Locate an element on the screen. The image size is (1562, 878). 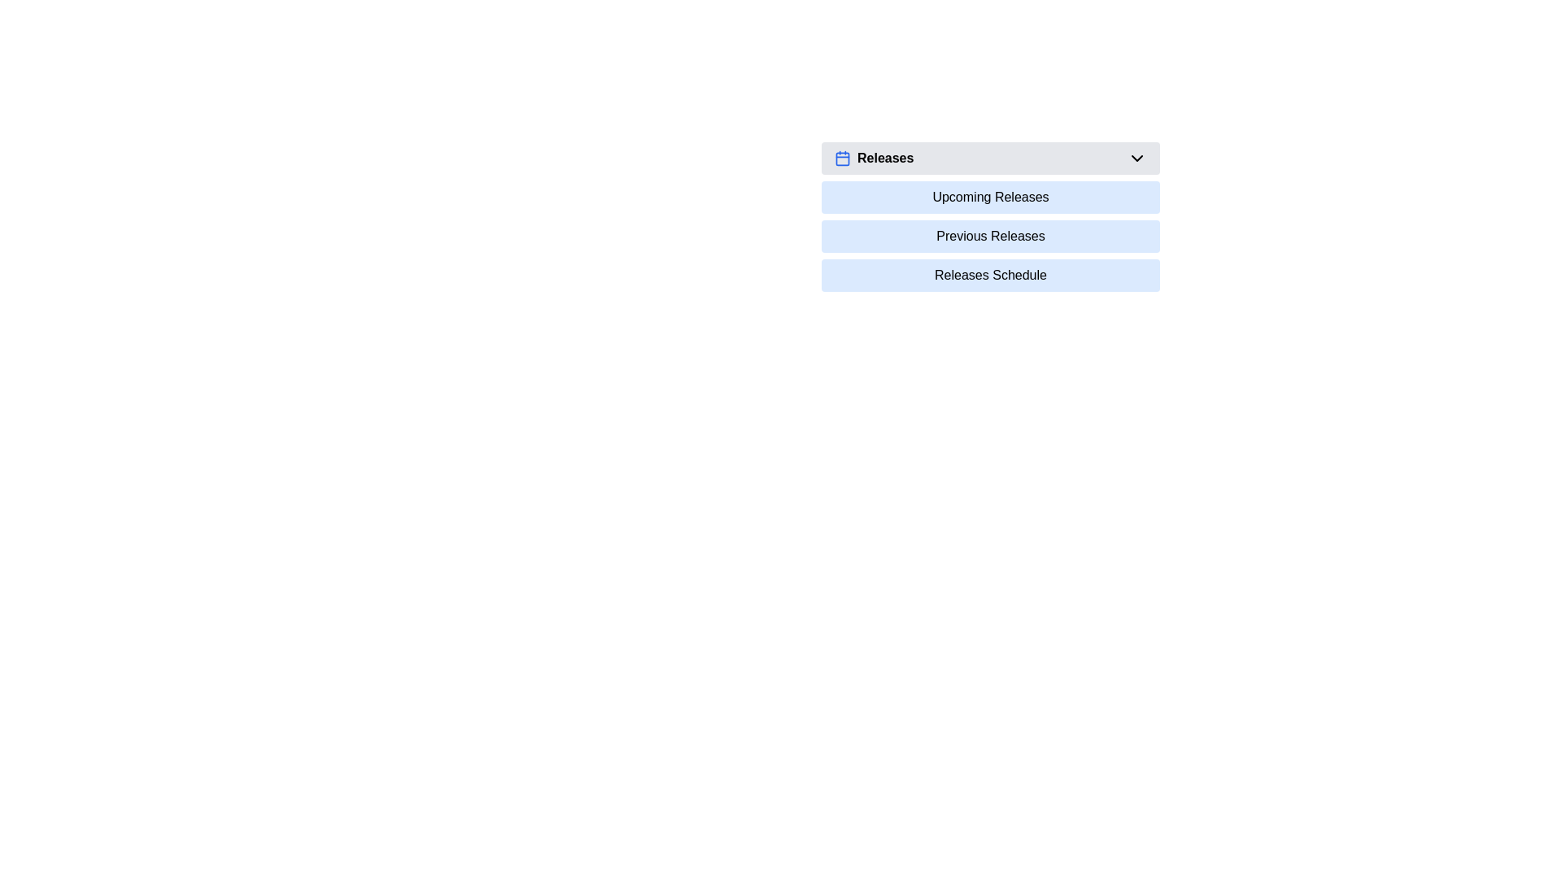
the third button in the dropdown menu titled 'Releases' is located at coordinates (990, 275).